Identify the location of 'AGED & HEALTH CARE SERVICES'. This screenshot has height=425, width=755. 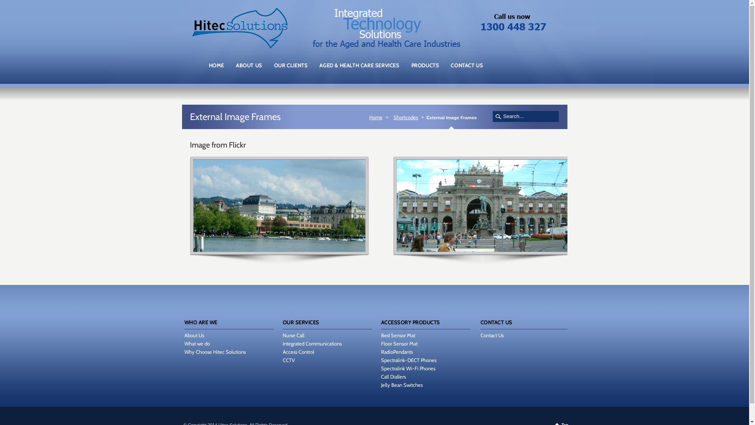
(319, 69).